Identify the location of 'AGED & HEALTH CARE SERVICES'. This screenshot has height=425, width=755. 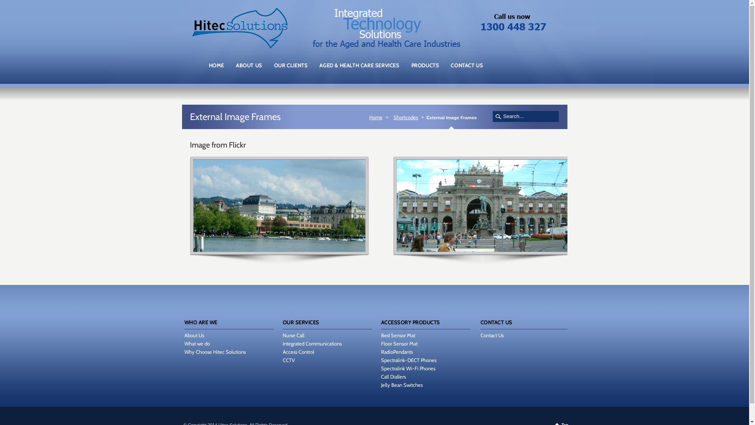
(319, 69).